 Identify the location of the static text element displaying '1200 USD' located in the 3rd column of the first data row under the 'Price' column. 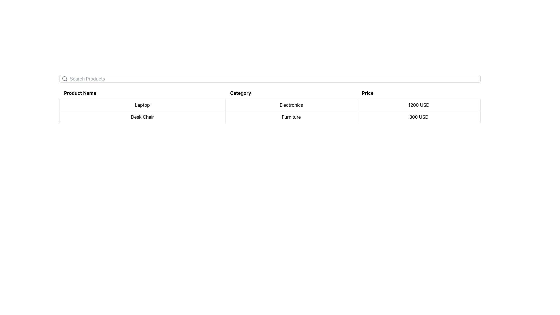
(419, 104).